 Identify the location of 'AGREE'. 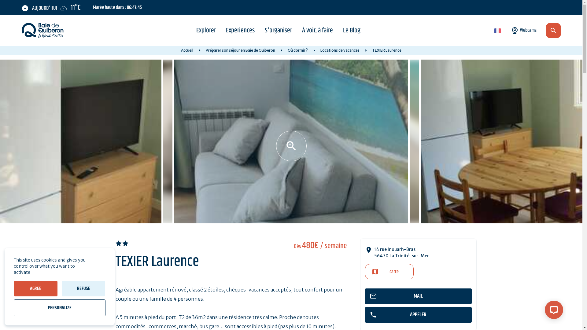
(35, 288).